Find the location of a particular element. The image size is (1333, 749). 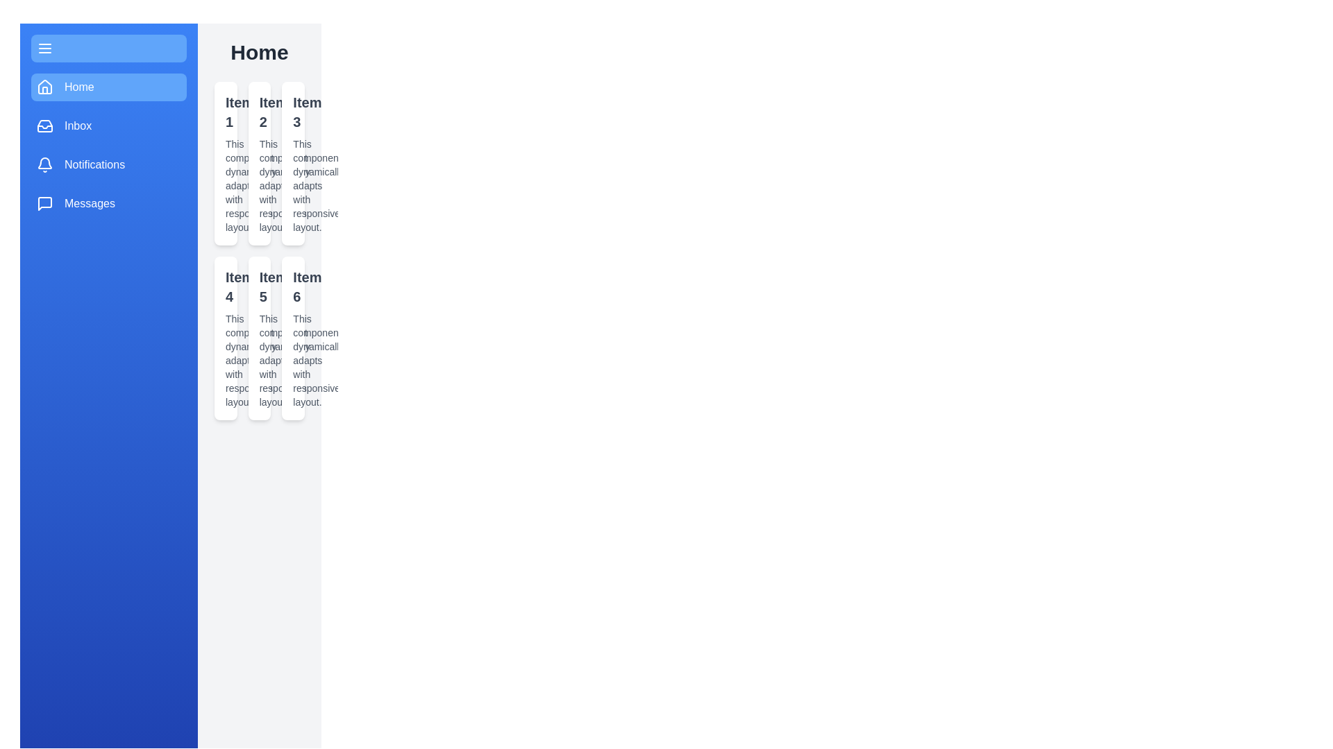

the 'Notifications' menu item in the navigation menu is located at coordinates (94, 164).